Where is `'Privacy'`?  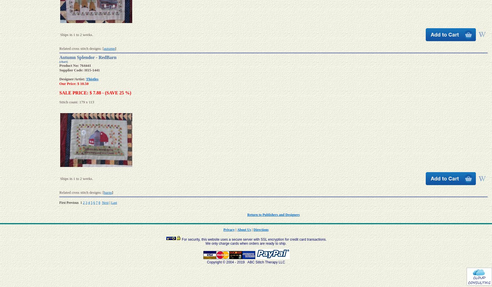 'Privacy' is located at coordinates (229, 229).